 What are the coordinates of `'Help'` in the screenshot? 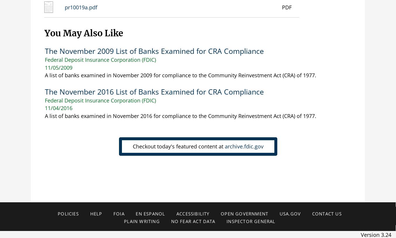 It's located at (96, 213).